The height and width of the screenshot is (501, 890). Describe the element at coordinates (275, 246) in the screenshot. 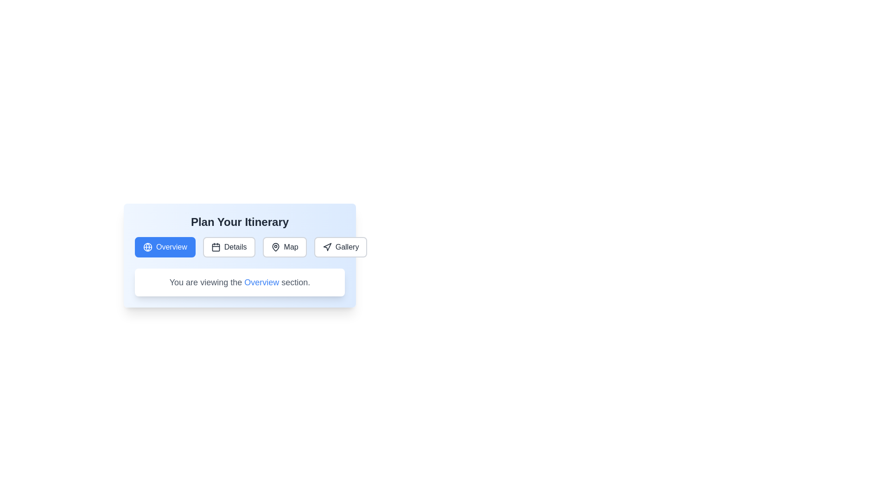

I see `the 'Map' button, which is the third button from the left in the 'Plan Your Itinerary' navigation section` at that location.